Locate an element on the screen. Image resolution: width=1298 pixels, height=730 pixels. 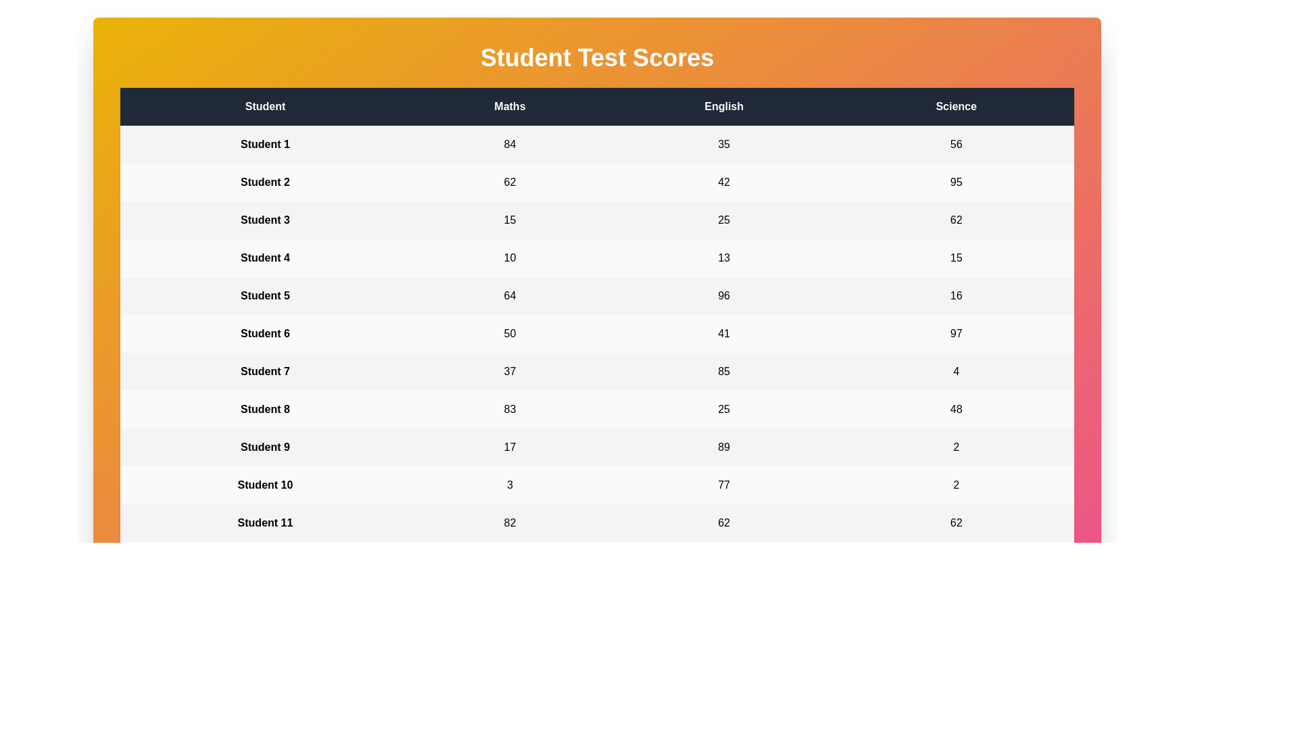
the Maths header to sort the column is located at coordinates (509, 106).